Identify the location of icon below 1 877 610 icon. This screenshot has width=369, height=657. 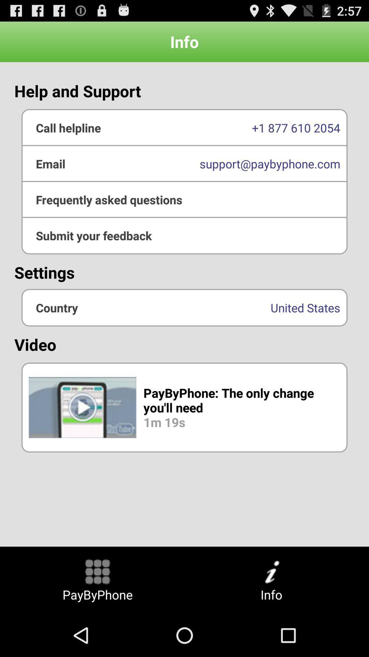
(184, 199).